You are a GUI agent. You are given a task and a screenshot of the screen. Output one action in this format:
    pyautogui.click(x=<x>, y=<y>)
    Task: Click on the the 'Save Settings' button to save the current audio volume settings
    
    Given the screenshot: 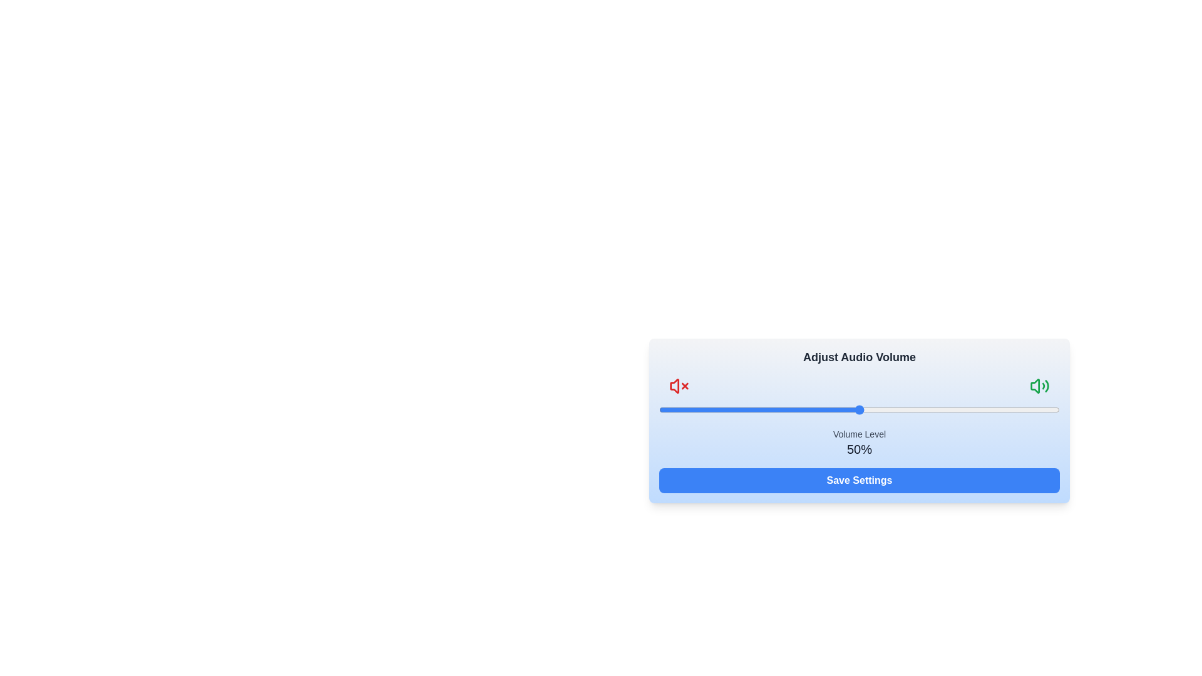 What is the action you would take?
    pyautogui.click(x=858, y=479)
    